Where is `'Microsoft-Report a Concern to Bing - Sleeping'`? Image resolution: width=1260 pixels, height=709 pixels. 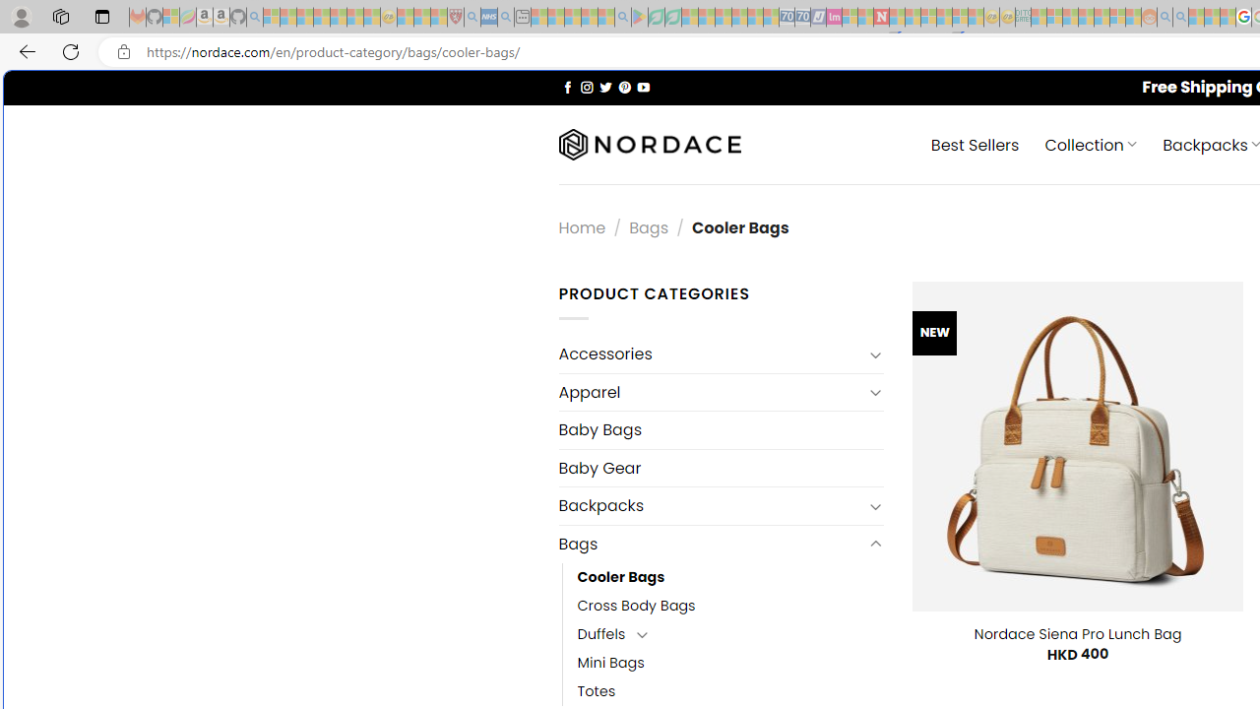
'Microsoft-Report a Concern to Bing - Sleeping' is located at coordinates (171, 17).